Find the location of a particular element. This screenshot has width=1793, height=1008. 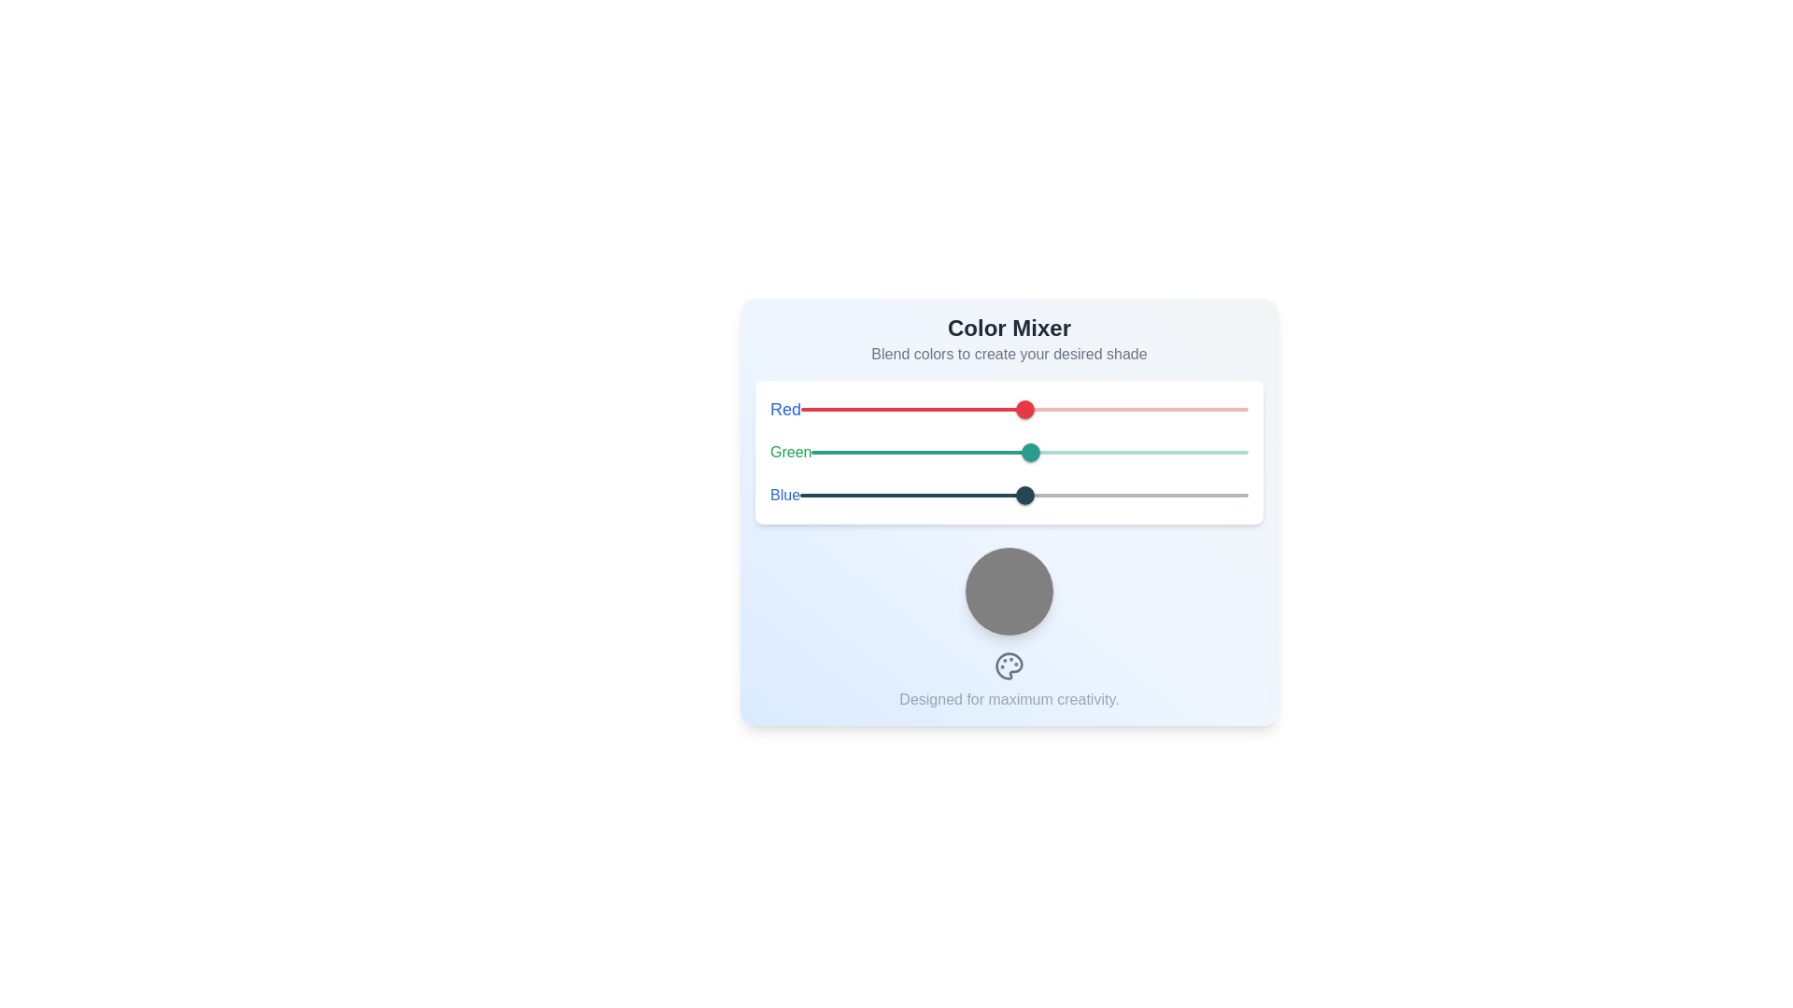

the green value is located at coordinates (1099, 453).